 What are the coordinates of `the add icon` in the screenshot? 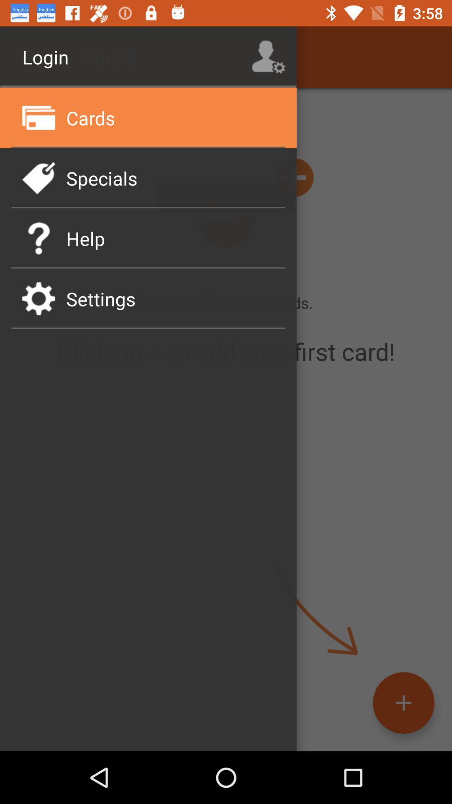 It's located at (403, 703).